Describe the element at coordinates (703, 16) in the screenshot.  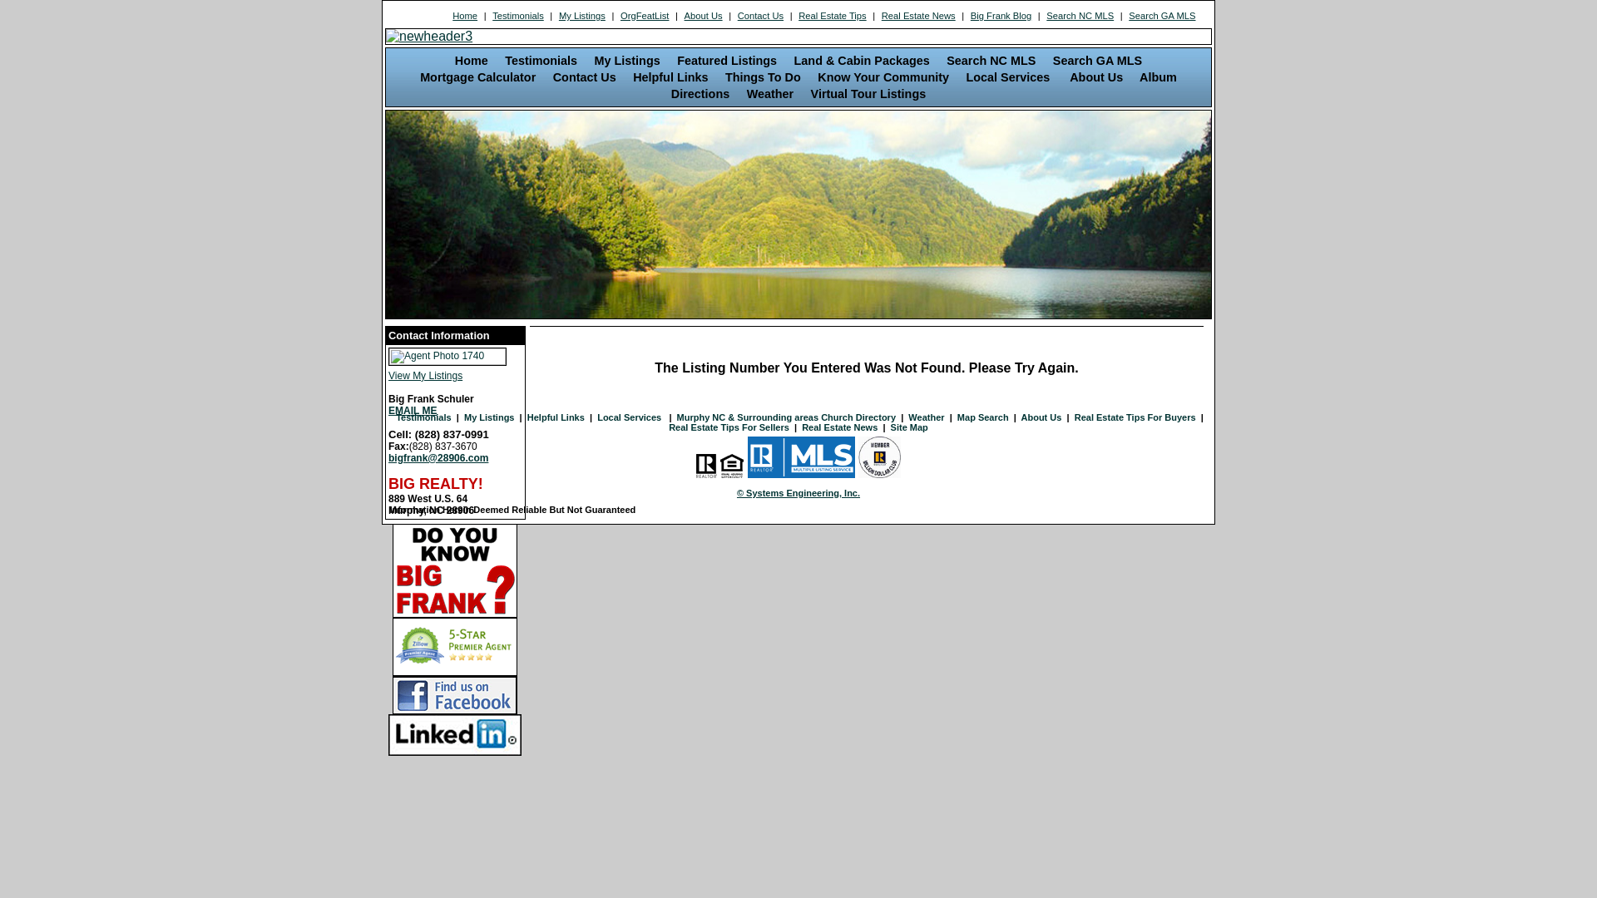
I see `'About Us'` at that location.